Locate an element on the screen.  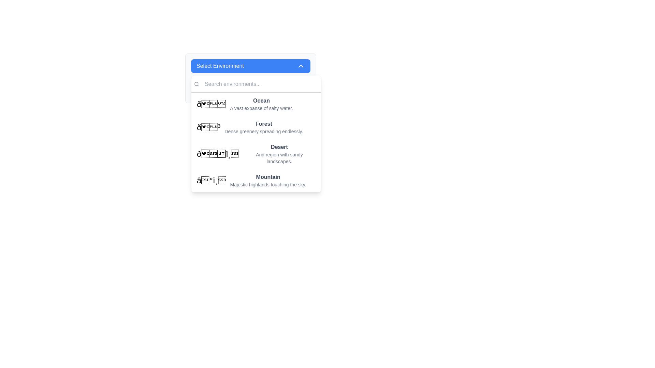
to select the 'Mountain' menu item, which is the fourth option in a dropdown menu, featuring a bold title and a description below it is located at coordinates (256, 180).